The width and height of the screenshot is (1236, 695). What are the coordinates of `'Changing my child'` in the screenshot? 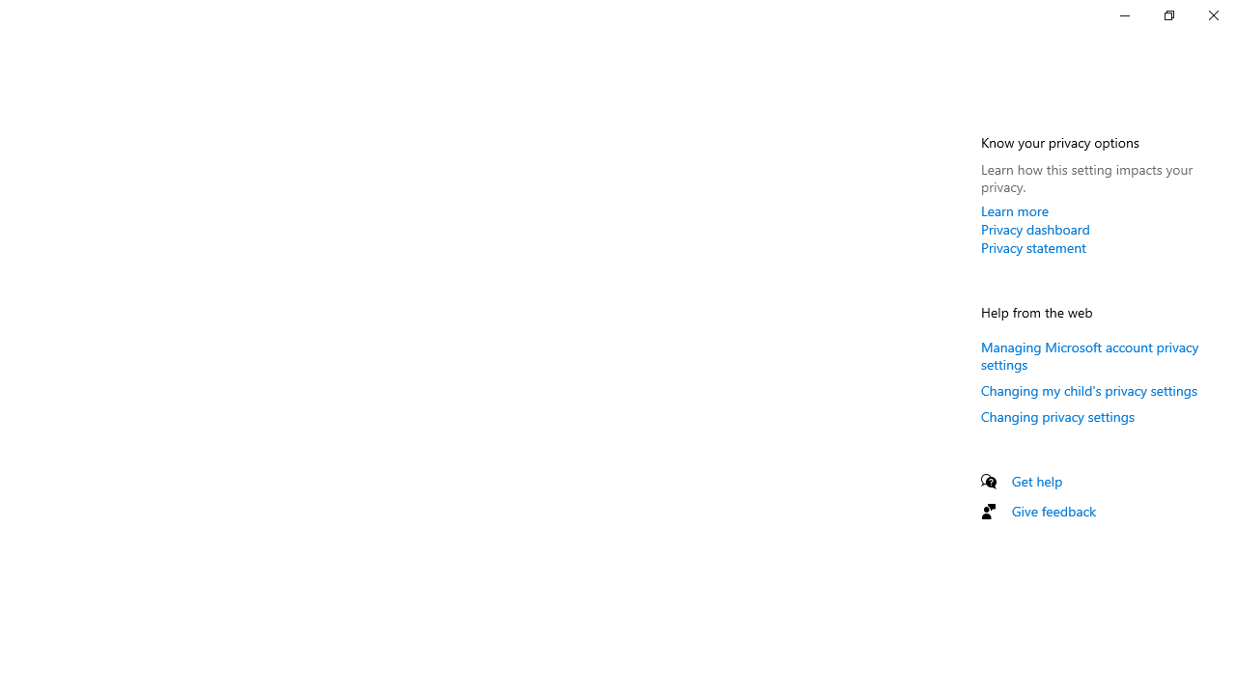 It's located at (1089, 390).